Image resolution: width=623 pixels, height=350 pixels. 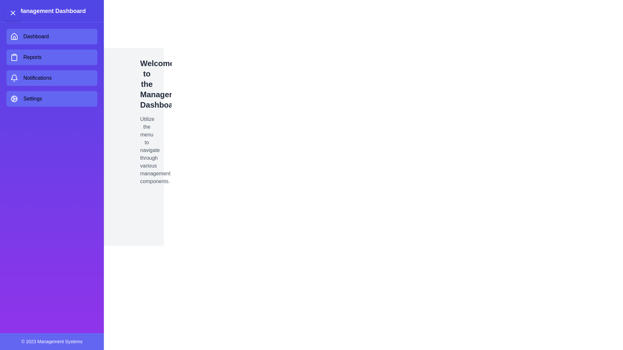 I want to click on the prominent header text displaying 'Welcome to the Management Dashboard', which is located at the top-left portion of the dashboard's main content area, so click(x=146, y=84).